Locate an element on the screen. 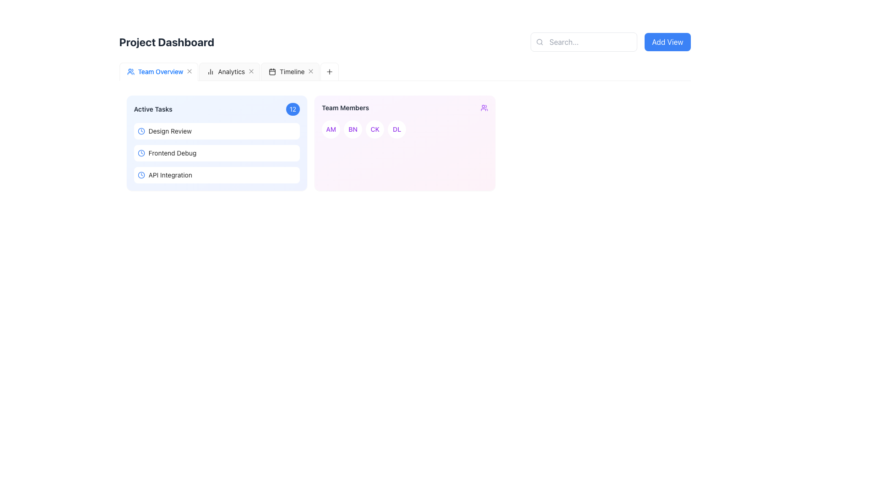  the static text label displaying 'Design Review' located in the 'Active Tasks' card, to the right of the clock icon is located at coordinates (170, 131).